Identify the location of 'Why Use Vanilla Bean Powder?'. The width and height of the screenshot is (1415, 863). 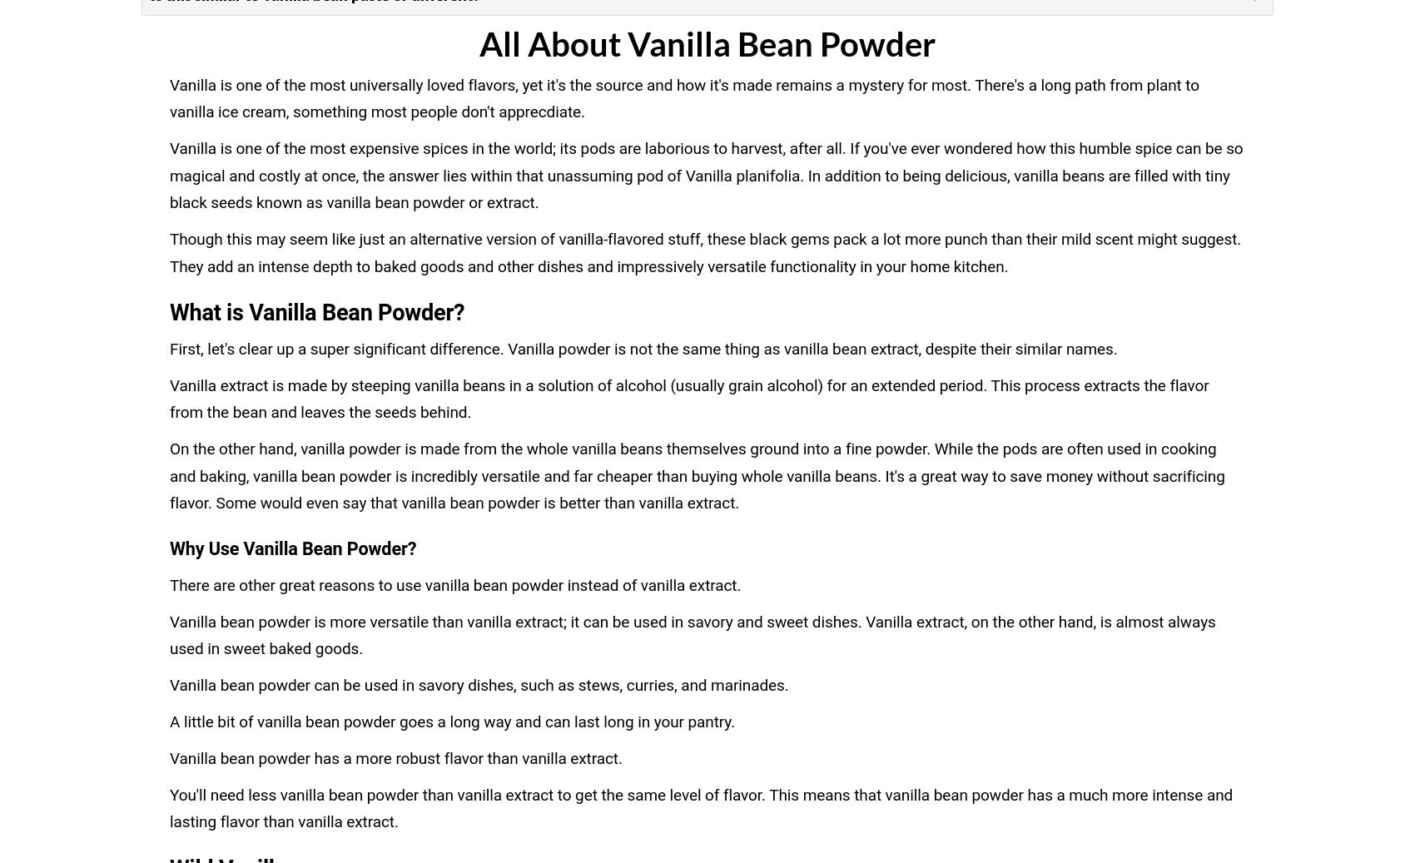
(292, 548).